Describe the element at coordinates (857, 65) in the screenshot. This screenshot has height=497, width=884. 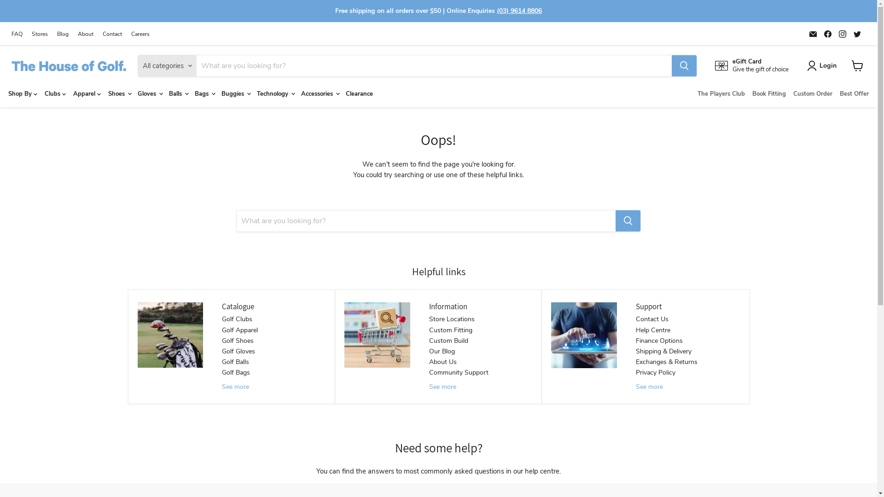
I see `'View cart'` at that location.